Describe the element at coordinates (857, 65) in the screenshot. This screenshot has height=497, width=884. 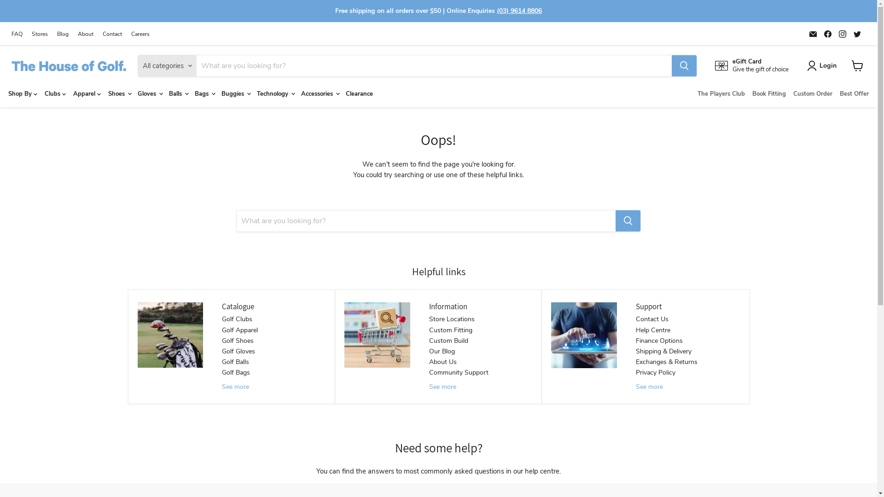
I see `'View cart'` at that location.